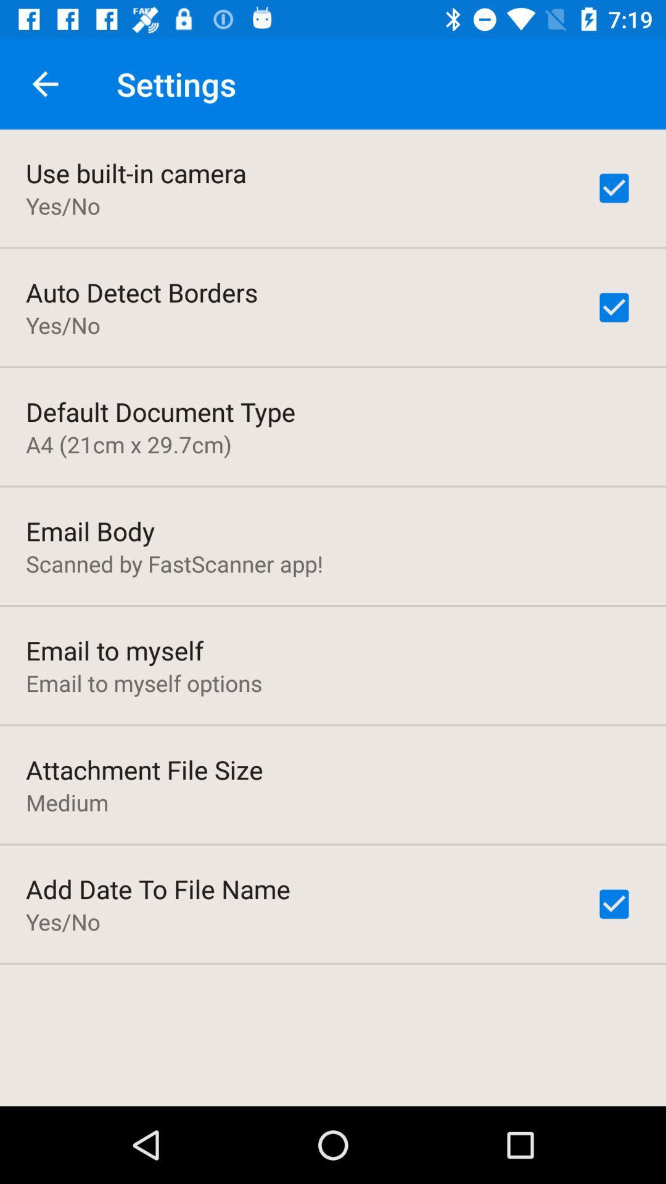 Image resolution: width=666 pixels, height=1184 pixels. What do you see at coordinates (175, 563) in the screenshot?
I see `icon below email body` at bounding box center [175, 563].